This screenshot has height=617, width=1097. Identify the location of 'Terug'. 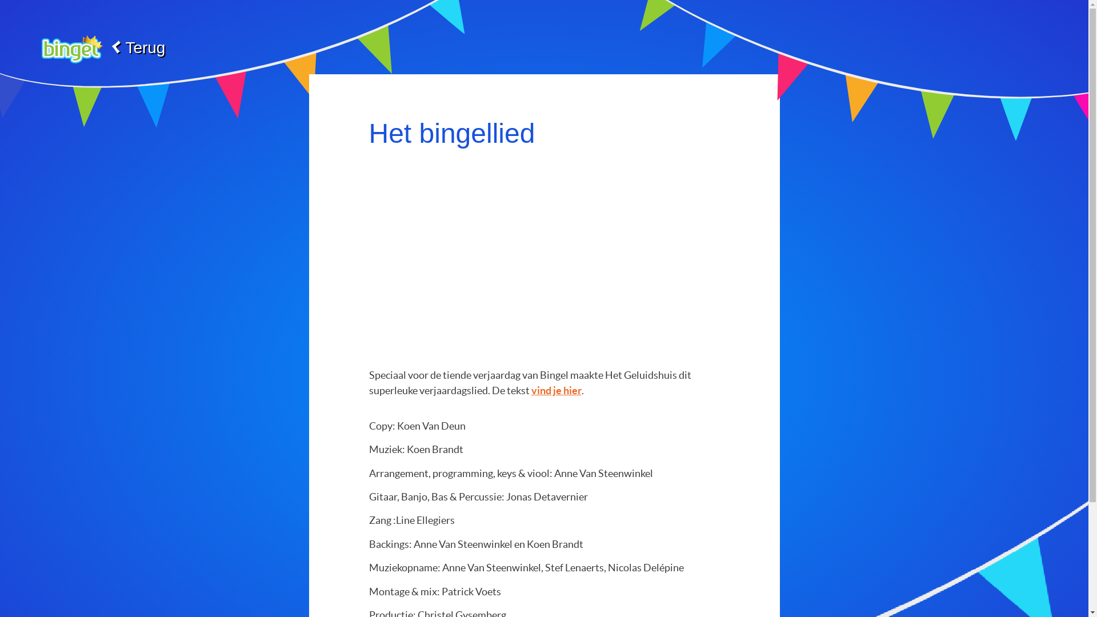
(99, 47).